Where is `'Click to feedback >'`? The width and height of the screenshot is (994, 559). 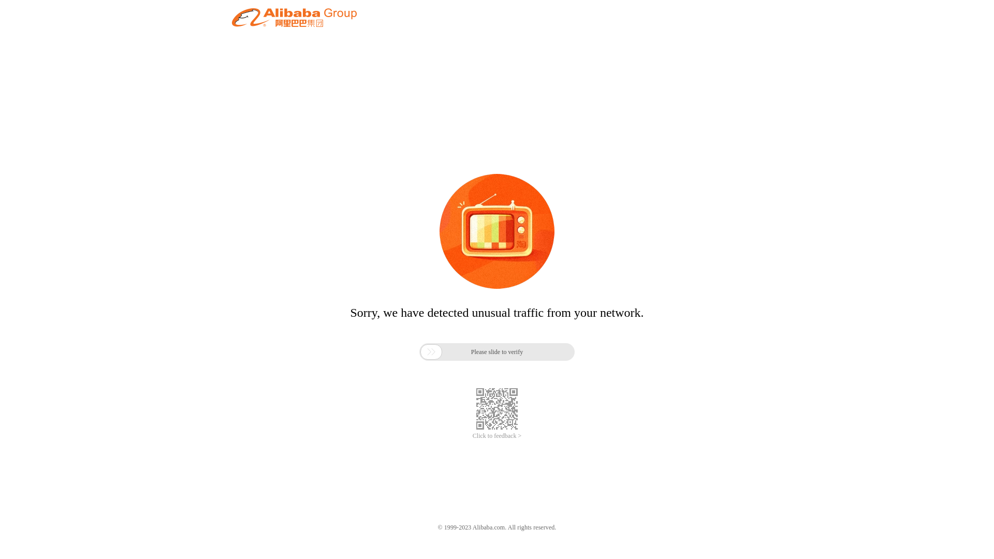 'Click to feedback >' is located at coordinates (497, 436).